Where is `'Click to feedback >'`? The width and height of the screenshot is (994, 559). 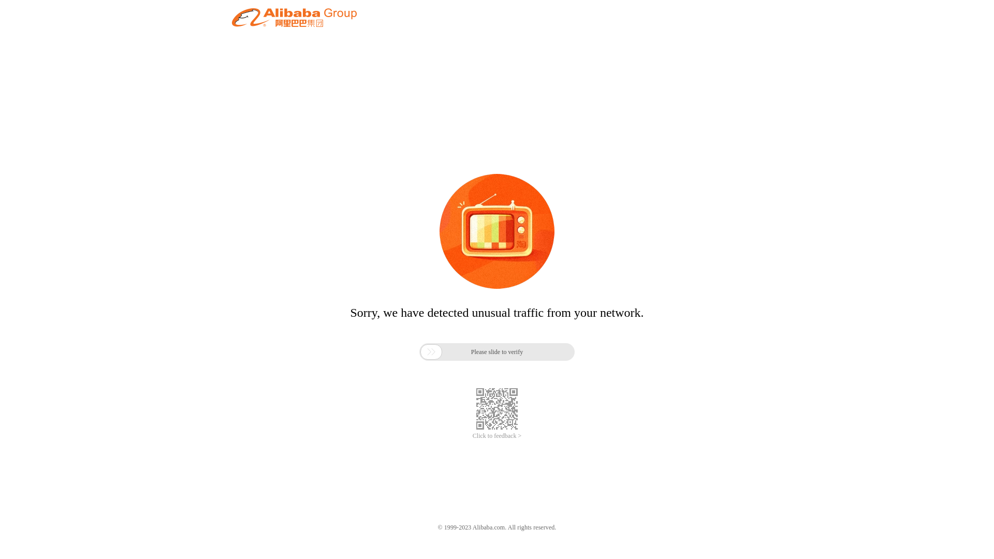 'Click to feedback >' is located at coordinates (497, 436).